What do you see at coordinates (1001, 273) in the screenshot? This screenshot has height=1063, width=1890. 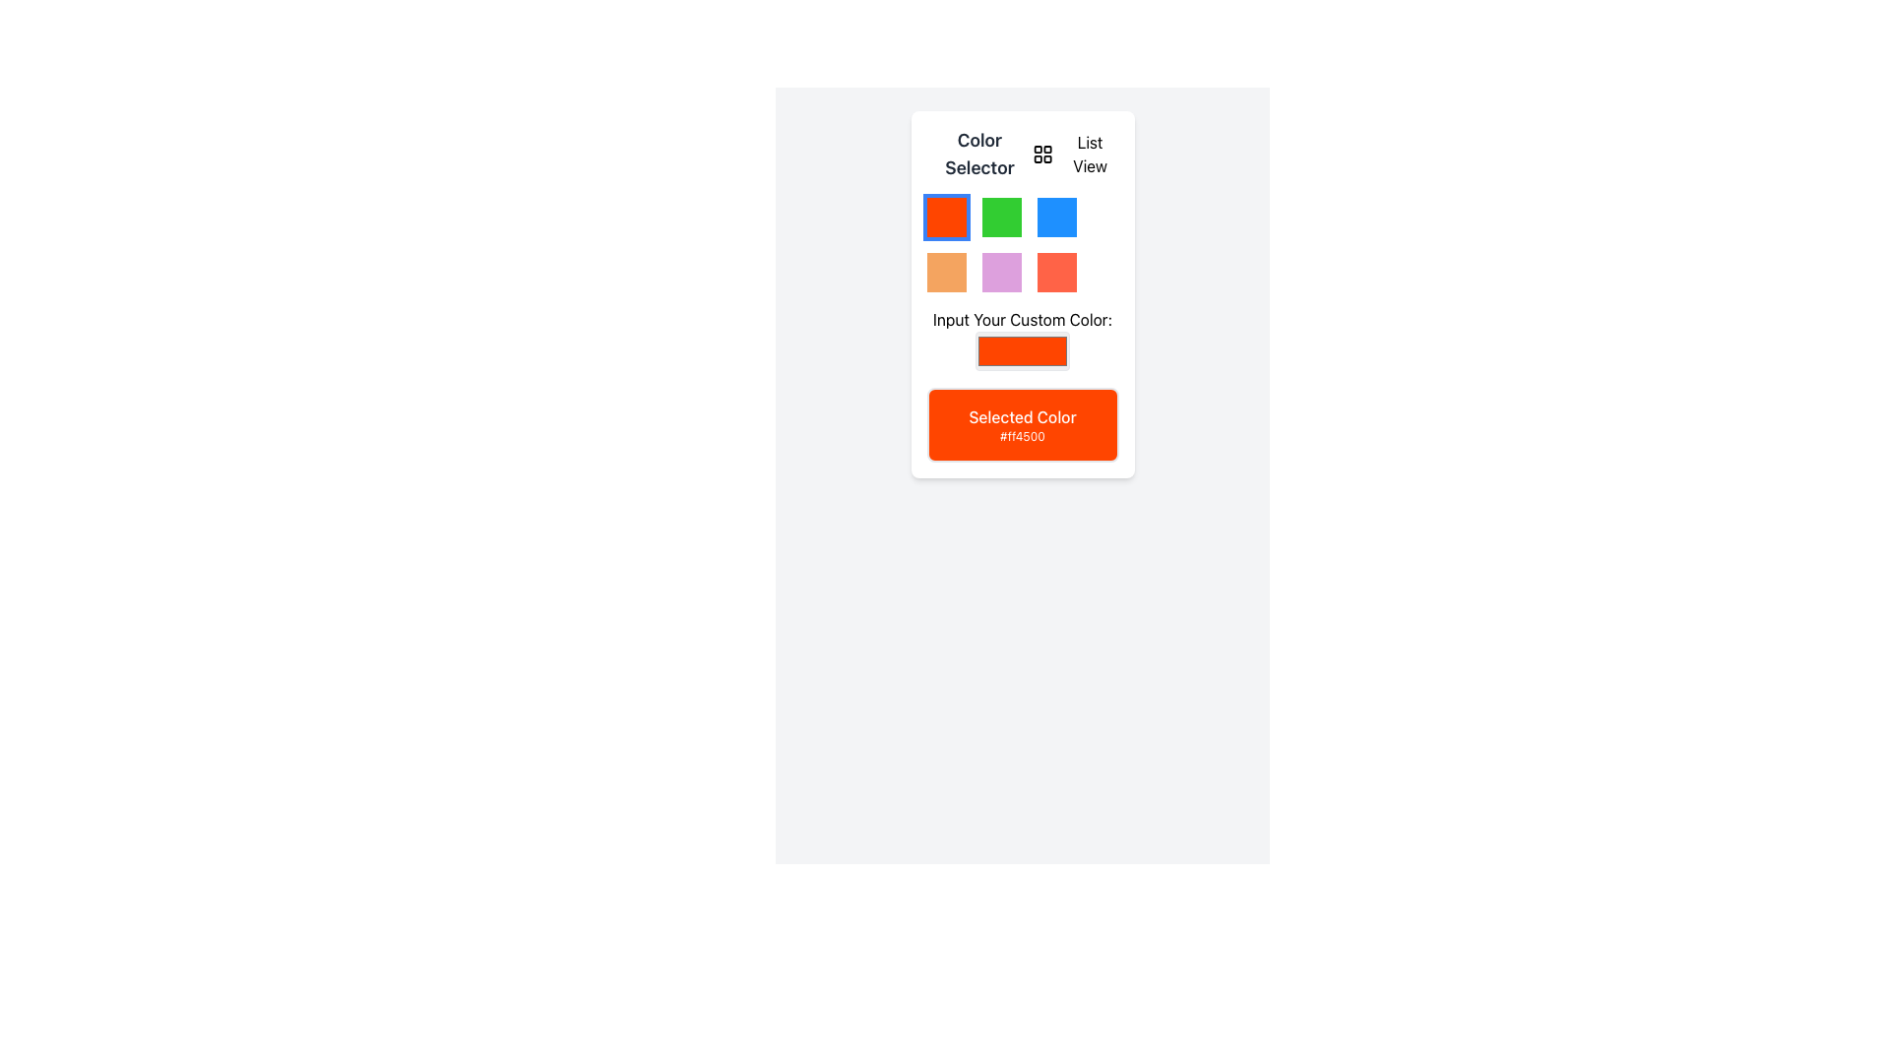 I see `the square Grid Item (Color) with a light purple background located in the second row and second column of the color options grid` at bounding box center [1001, 273].